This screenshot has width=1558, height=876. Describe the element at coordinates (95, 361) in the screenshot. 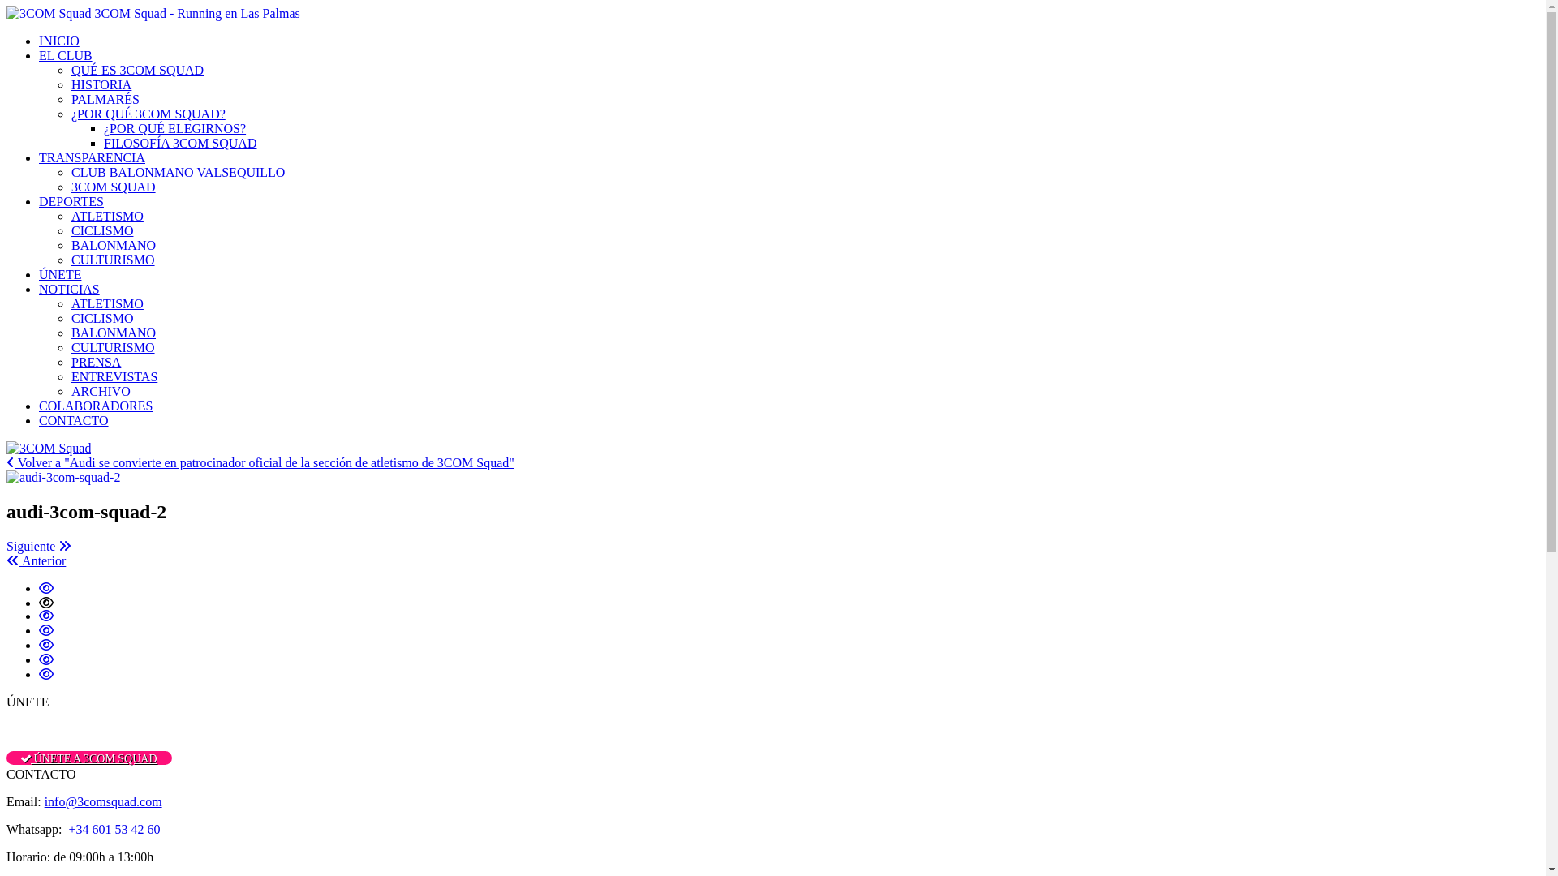

I see `'PRENSA'` at that location.